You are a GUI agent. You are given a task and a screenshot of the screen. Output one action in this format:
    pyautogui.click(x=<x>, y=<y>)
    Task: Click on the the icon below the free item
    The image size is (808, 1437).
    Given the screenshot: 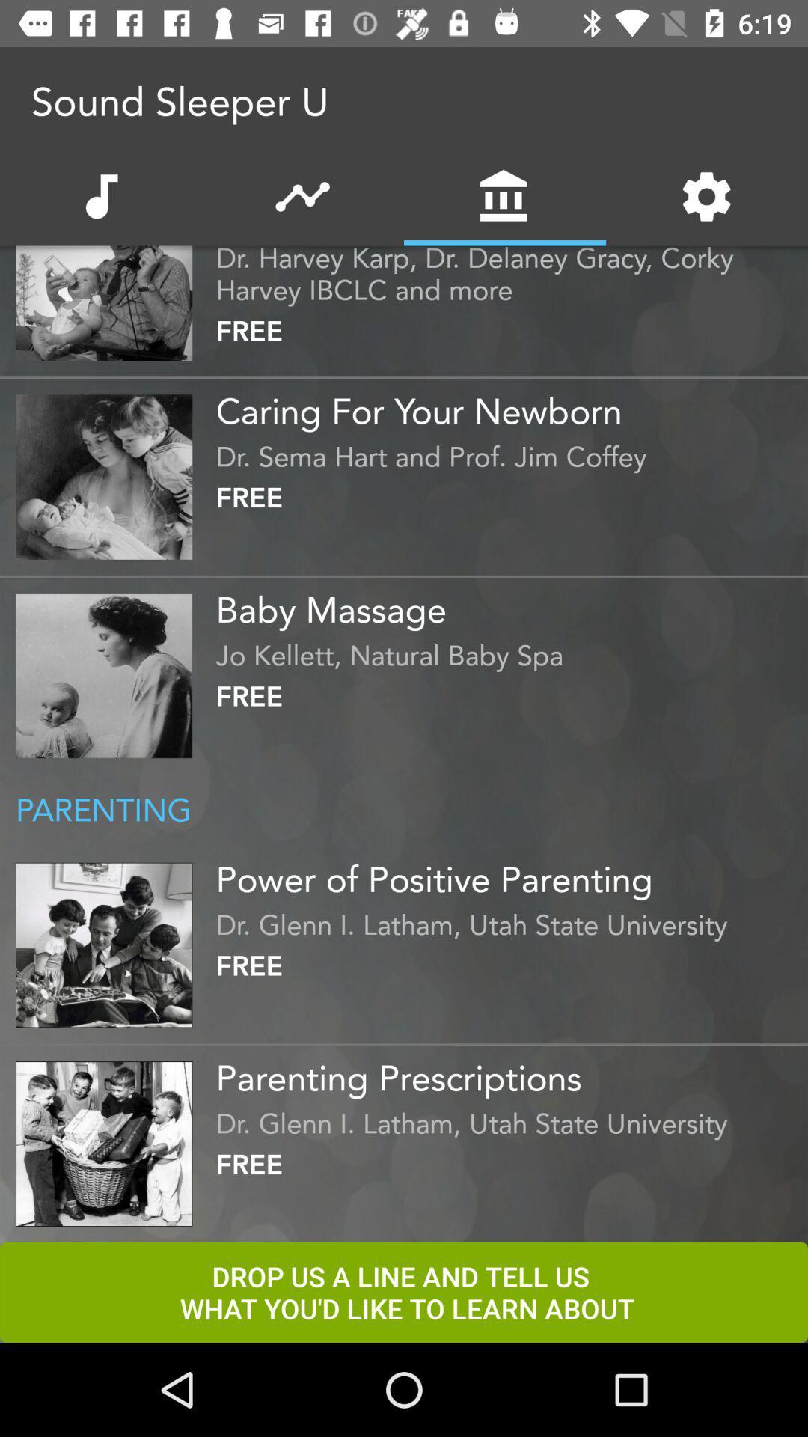 What is the action you would take?
    pyautogui.click(x=507, y=604)
    